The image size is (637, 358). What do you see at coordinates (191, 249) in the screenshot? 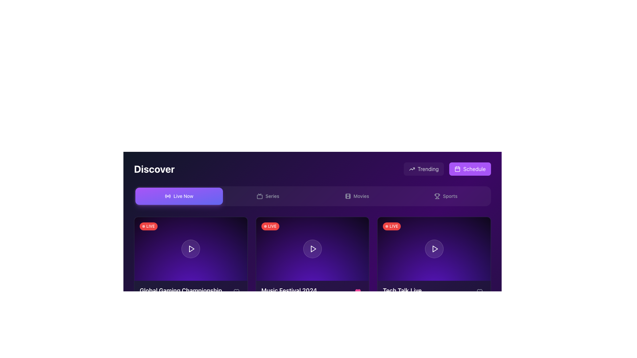
I see `the play button icon` at bounding box center [191, 249].